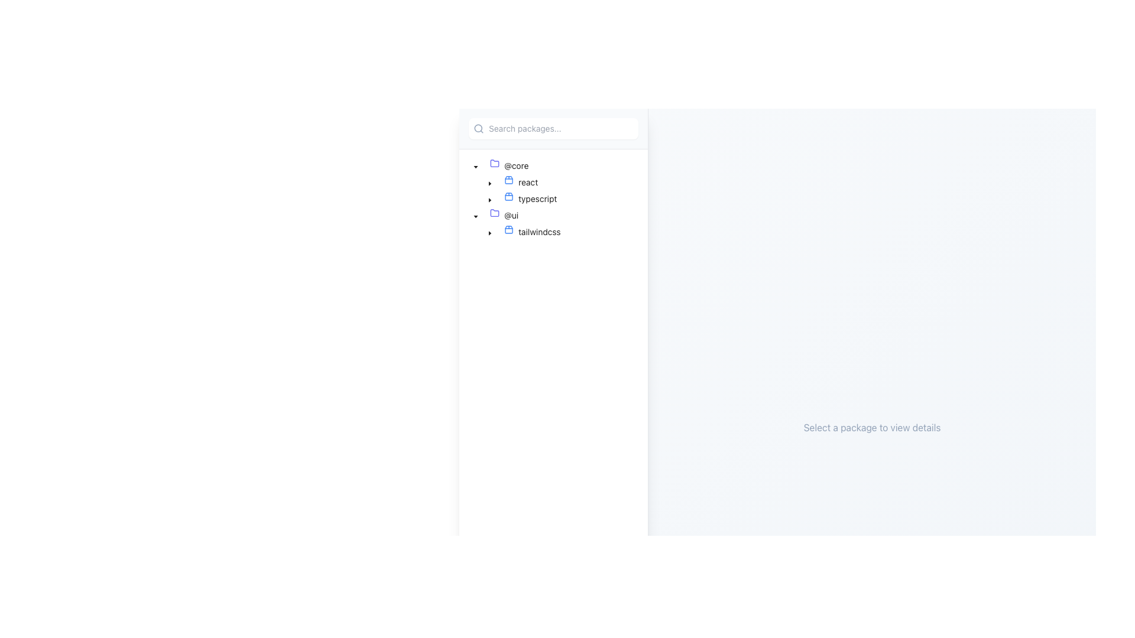 The image size is (1135, 638). Describe the element at coordinates (476, 216) in the screenshot. I see `the Dropdown Indicator Icon, which is a small downward-pointing arrow next to the '@ui' text label in the tree view structure` at that location.